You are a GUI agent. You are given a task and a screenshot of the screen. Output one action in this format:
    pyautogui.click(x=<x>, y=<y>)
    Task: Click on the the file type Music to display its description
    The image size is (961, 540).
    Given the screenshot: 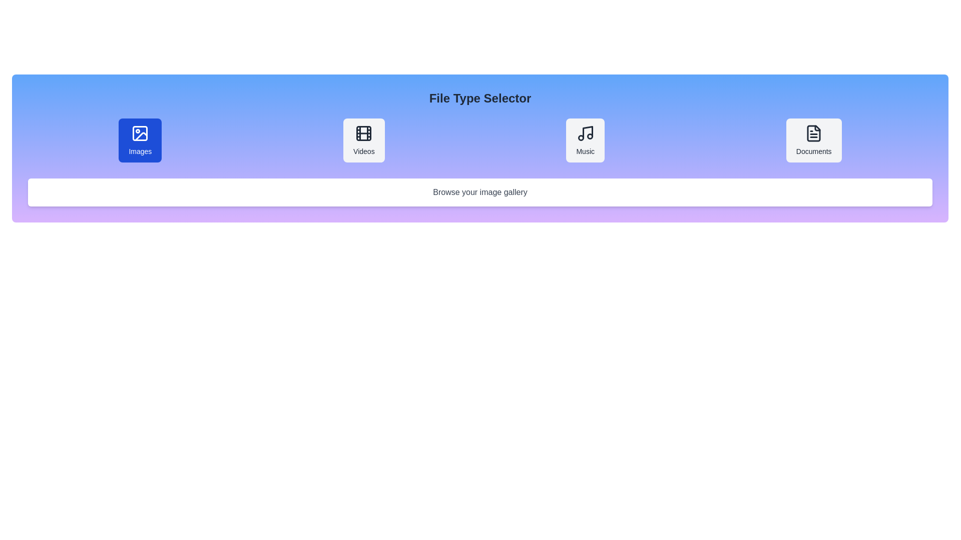 What is the action you would take?
    pyautogui.click(x=585, y=140)
    